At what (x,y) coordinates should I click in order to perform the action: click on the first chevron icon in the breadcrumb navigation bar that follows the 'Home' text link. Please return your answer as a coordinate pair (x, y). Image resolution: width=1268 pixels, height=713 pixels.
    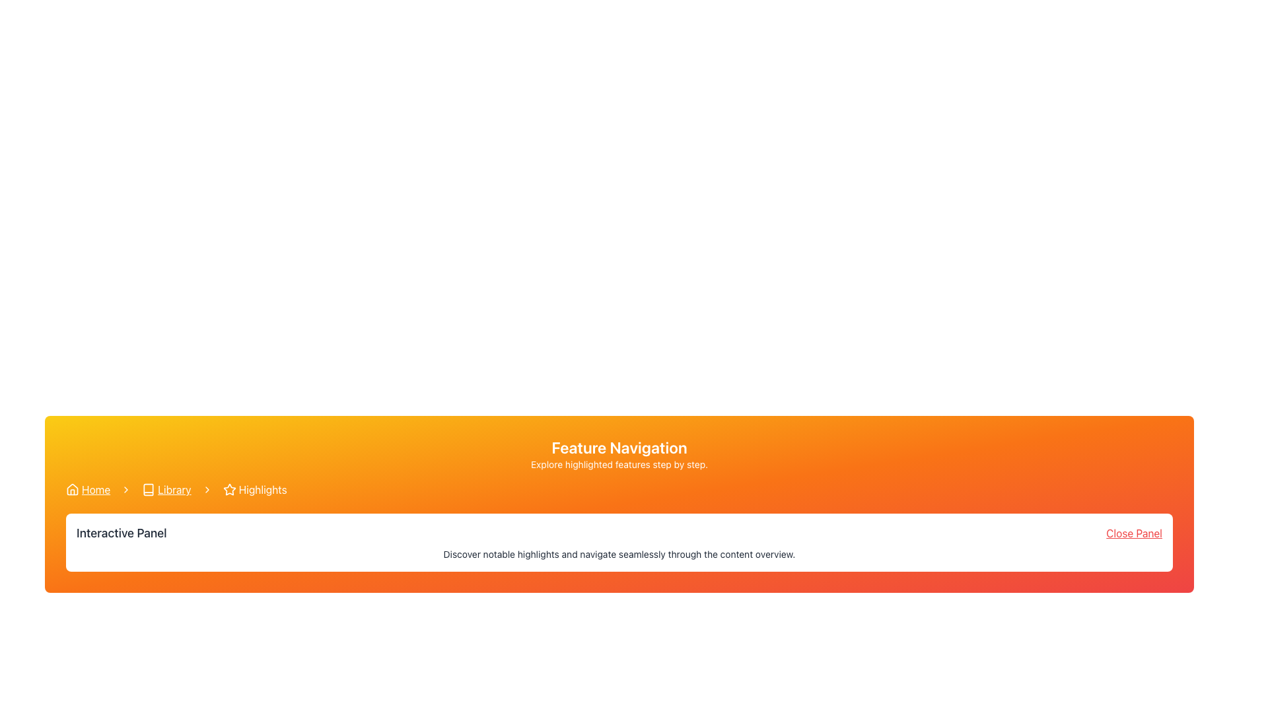
    Looking at the image, I should click on (126, 489).